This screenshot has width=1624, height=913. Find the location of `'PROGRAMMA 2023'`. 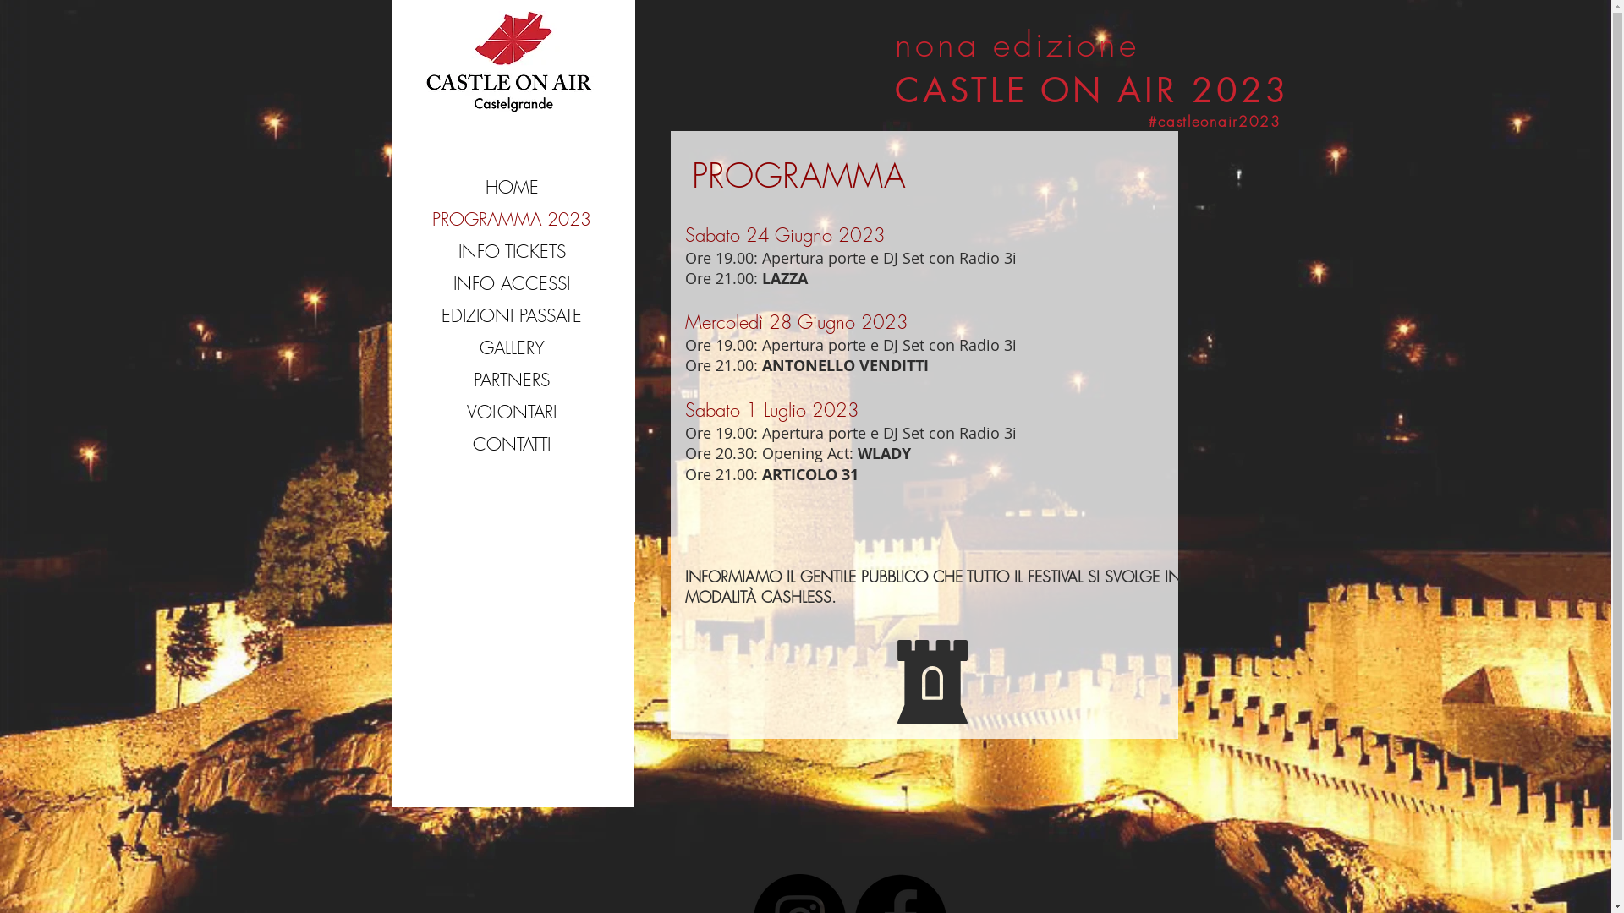

'PROGRAMMA 2023' is located at coordinates (510, 218).